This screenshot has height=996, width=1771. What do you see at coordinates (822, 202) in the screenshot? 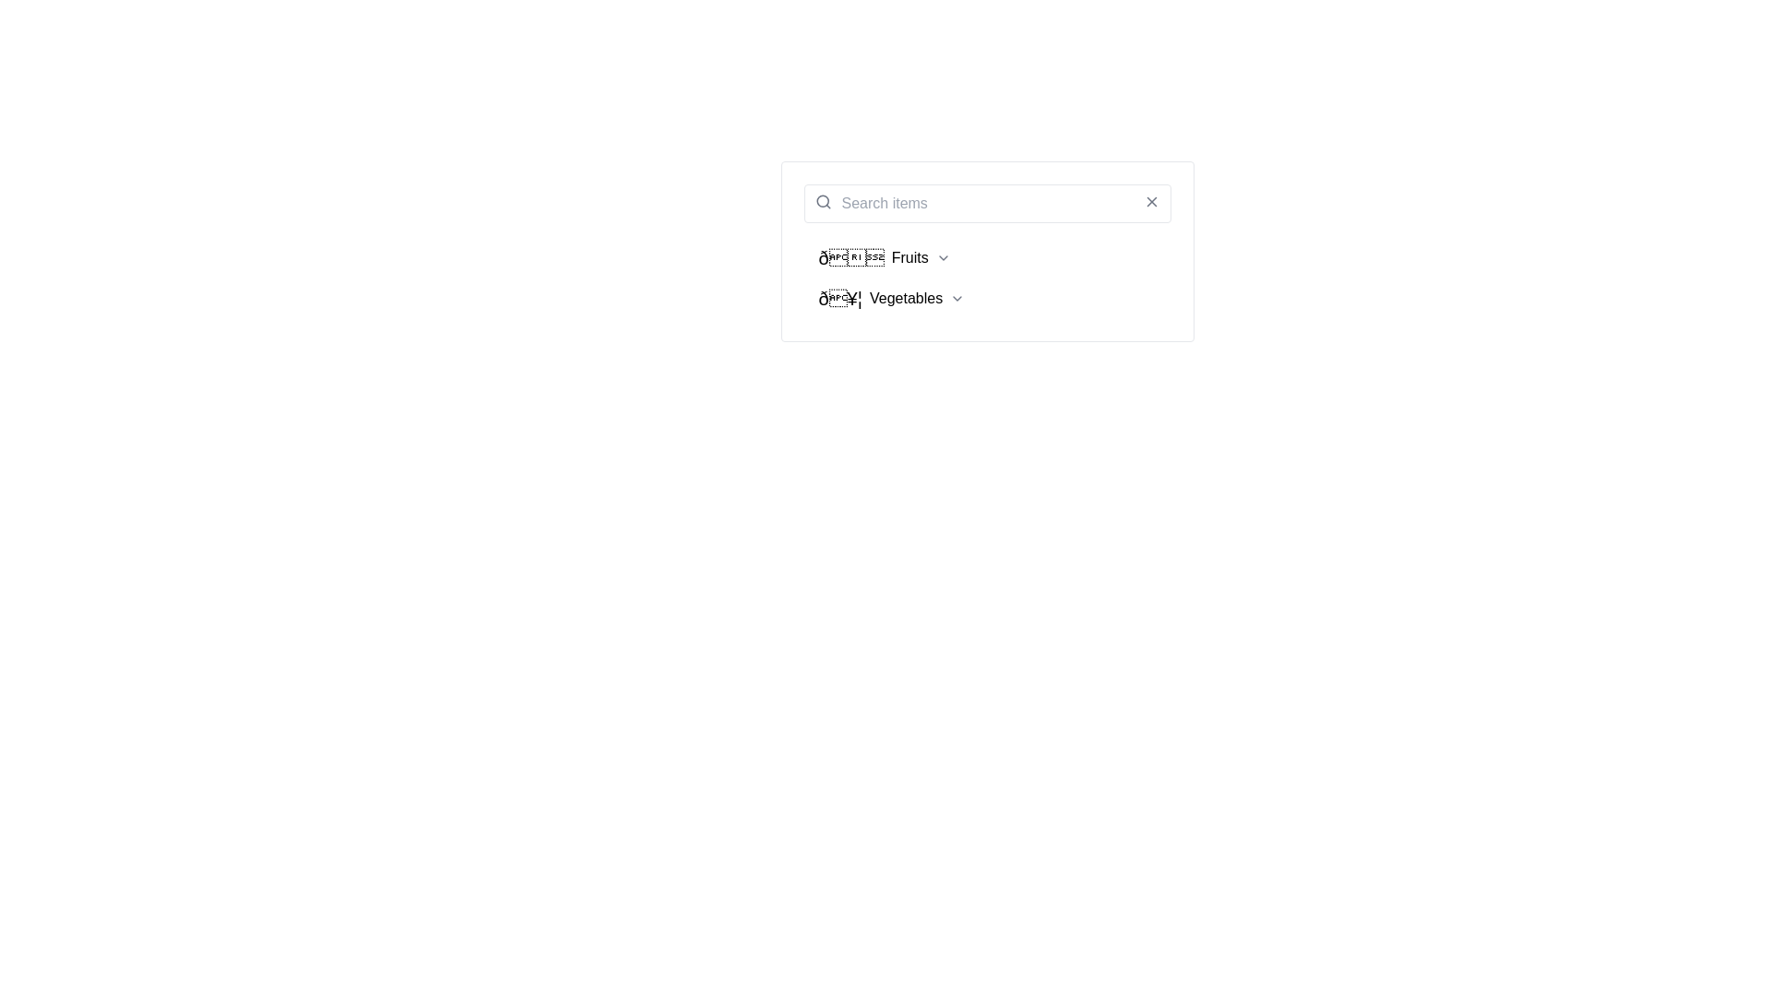
I see `the small, circular search icon styled as a magnifying glass with a gray outline located to the left of the text input box` at bounding box center [822, 202].